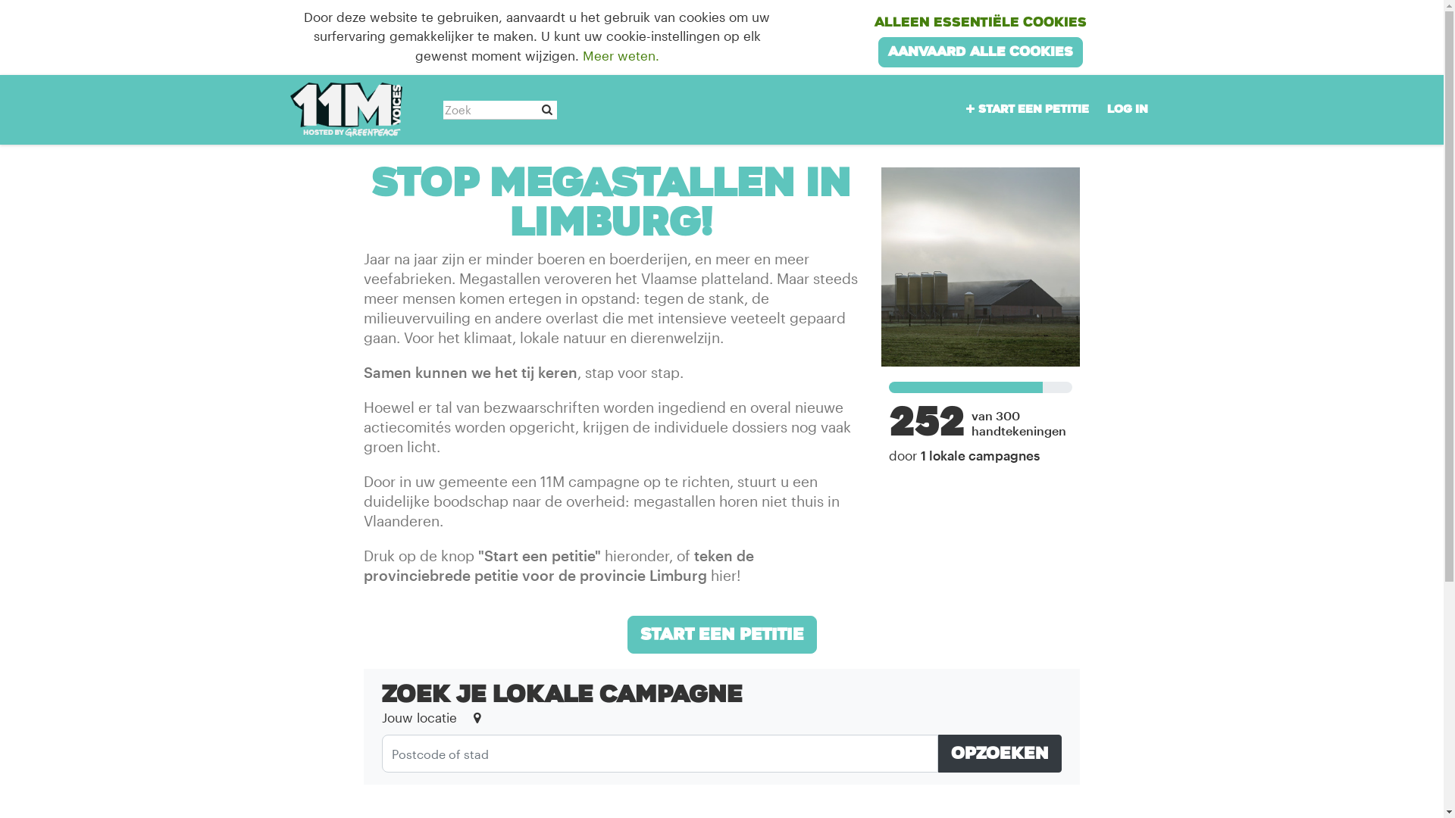 The image size is (1455, 818). I want to click on 'Meer weten.', so click(621, 55).